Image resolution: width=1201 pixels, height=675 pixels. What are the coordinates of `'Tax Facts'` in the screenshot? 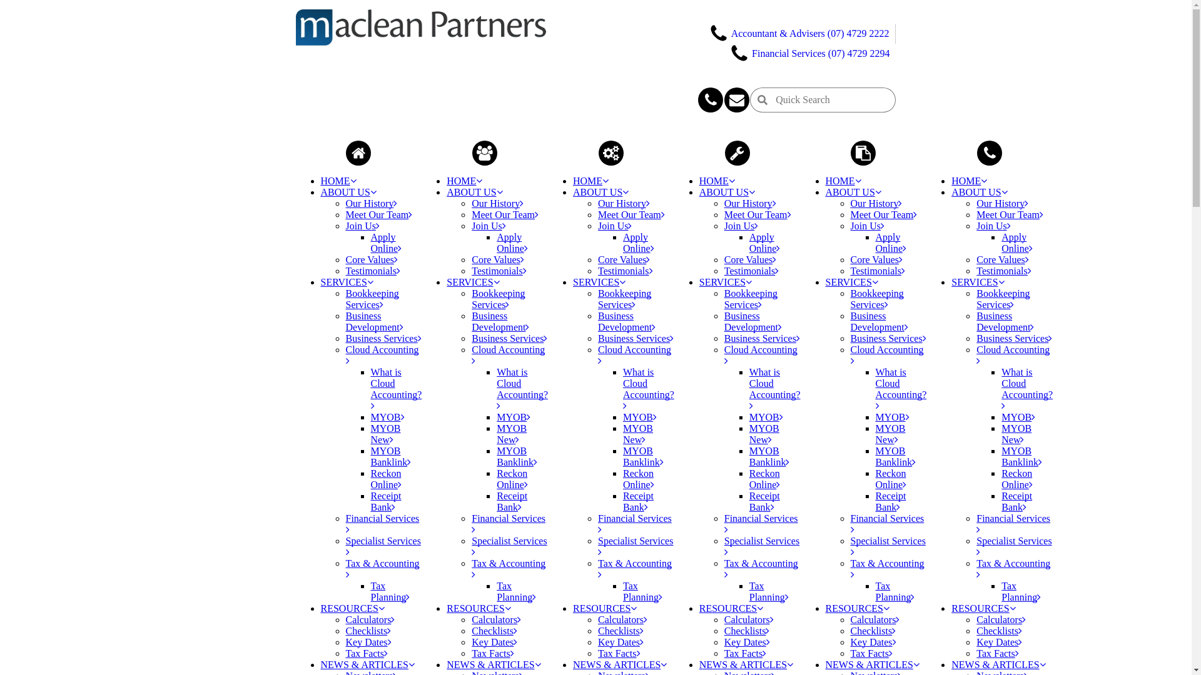 It's located at (619, 652).